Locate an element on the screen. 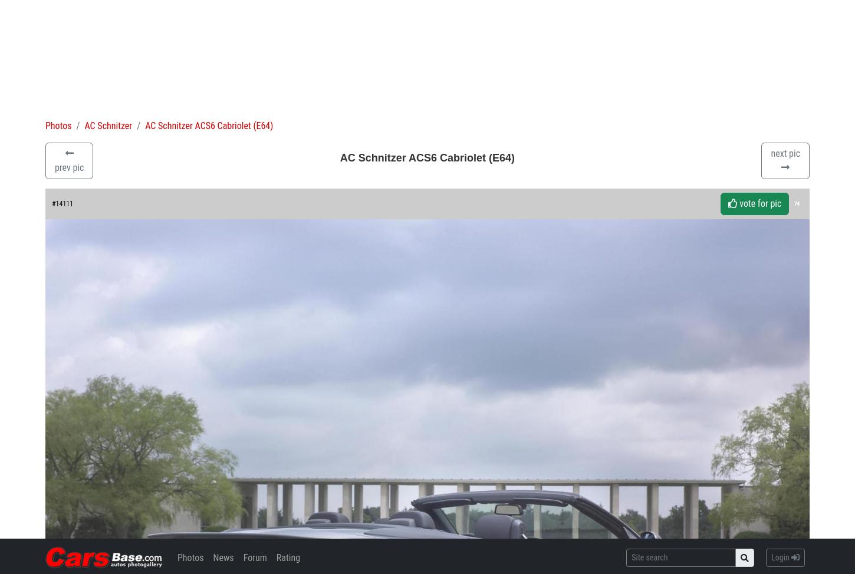 The width and height of the screenshot is (855, 574). '(Download' is located at coordinates (66, 392).